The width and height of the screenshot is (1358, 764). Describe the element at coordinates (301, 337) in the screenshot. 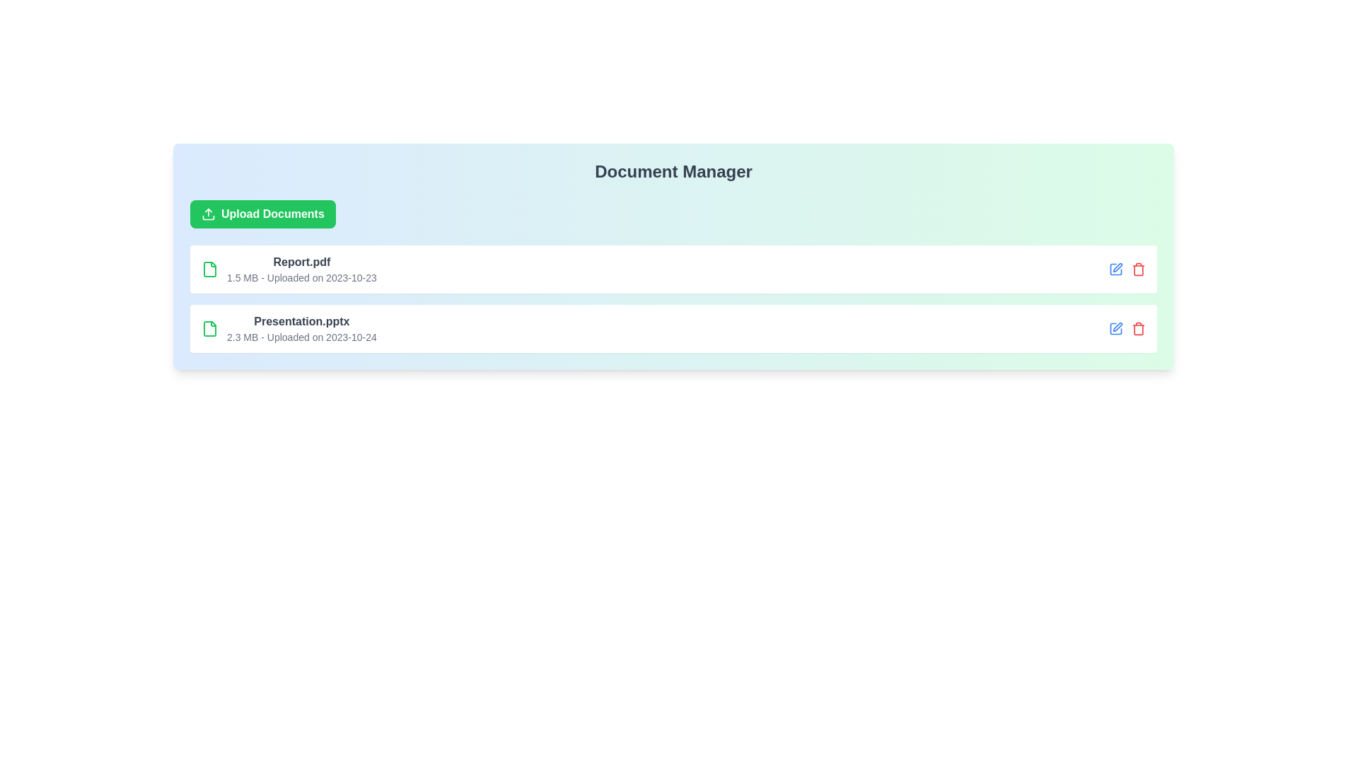

I see `the text label providing details about the document 'Presentation.pptx', located below it, which indicates the file size and upload date` at that location.